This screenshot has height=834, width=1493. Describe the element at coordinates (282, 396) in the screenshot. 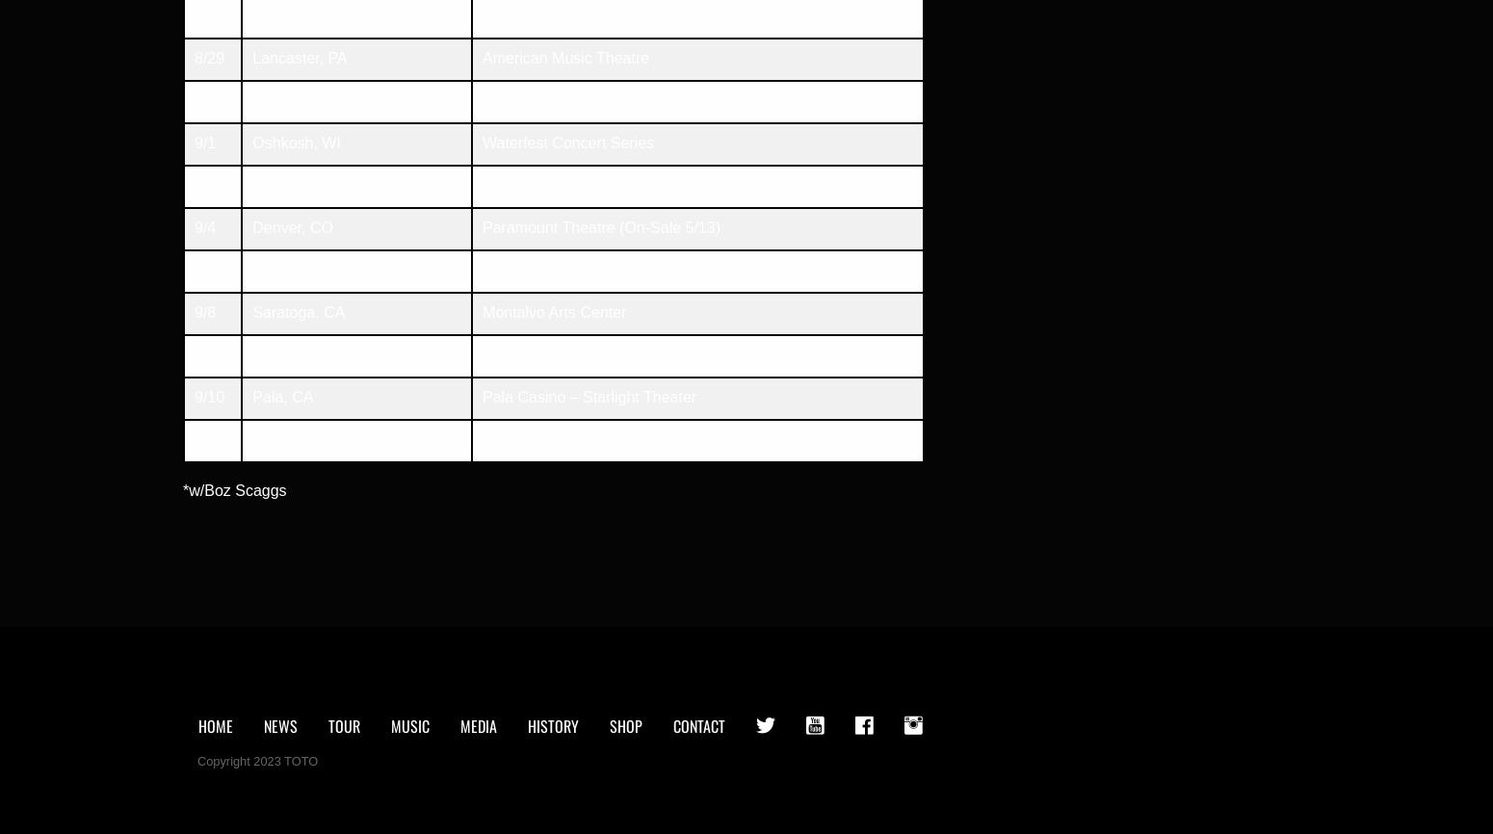

I see `'Pala, CA'` at that location.